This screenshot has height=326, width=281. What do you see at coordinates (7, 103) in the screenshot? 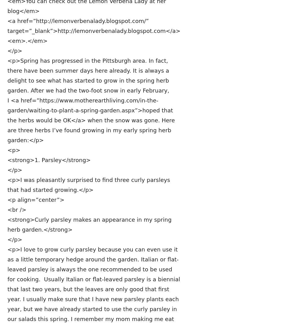
I see `'<p>1. Cream together the shortening and sugar. Add eggs, extracts, salt, baking powder and flour. Mix, then add lemon balm leaves. Mix well and drop by teaspoonfuls onto cookie sheet. </p>'` at bounding box center [7, 103].